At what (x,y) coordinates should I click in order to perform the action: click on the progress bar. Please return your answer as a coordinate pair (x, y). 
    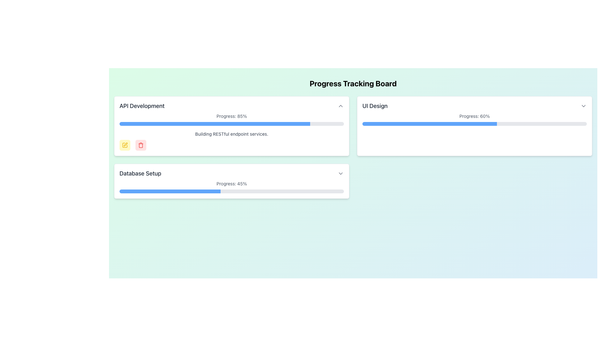
    Looking at the image, I should click on (166, 191).